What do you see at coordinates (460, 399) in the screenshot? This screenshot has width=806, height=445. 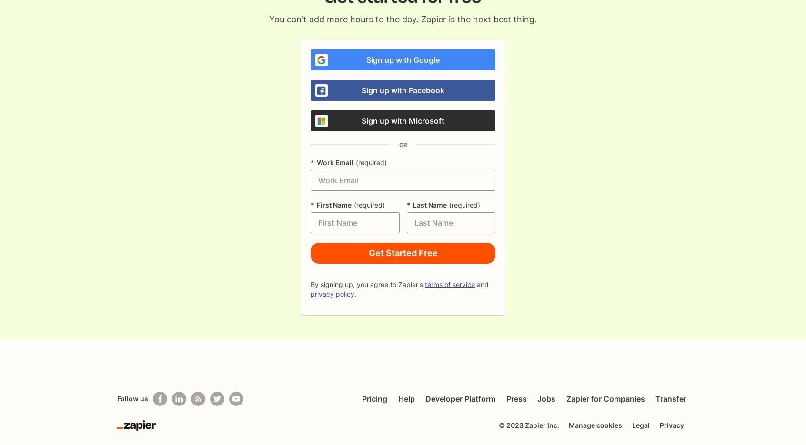 I see `'Developer Platform'` at bounding box center [460, 399].